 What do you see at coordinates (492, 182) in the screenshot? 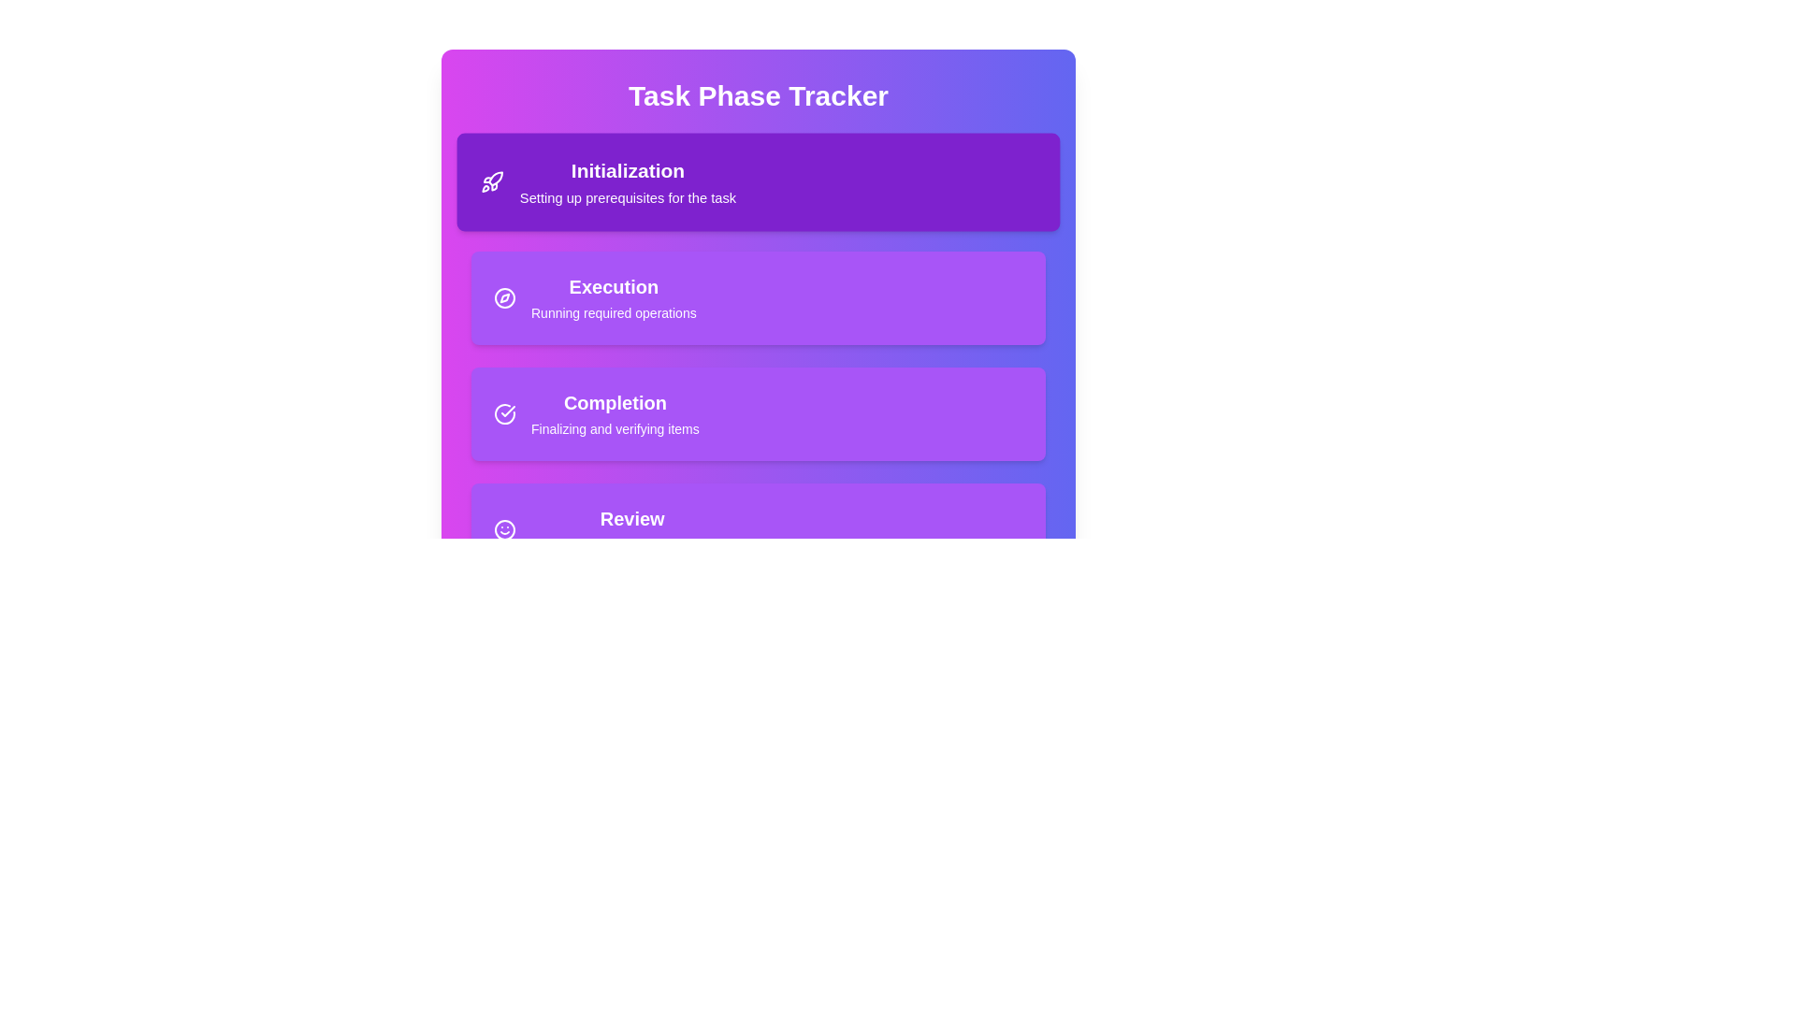
I see `the rocket icon, which is a minimalist SVG graphic located next to the 'Initialization' label within a purple rectangular card` at bounding box center [492, 182].